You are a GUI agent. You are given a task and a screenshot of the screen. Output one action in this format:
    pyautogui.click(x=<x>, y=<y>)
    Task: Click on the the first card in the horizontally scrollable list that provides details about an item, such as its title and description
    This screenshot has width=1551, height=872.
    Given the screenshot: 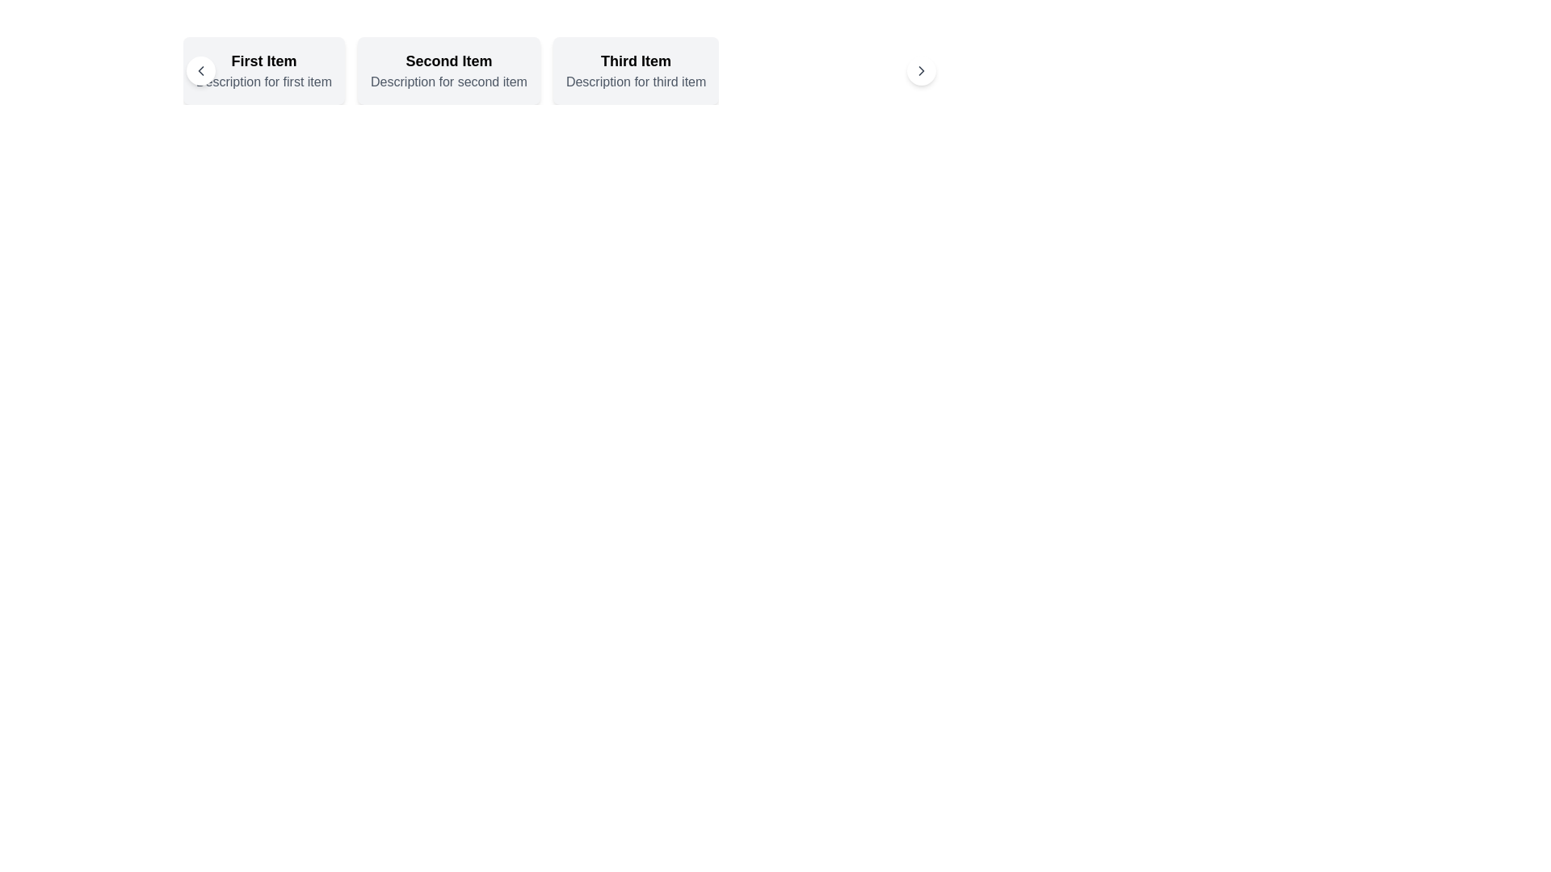 What is the action you would take?
    pyautogui.click(x=263, y=70)
    